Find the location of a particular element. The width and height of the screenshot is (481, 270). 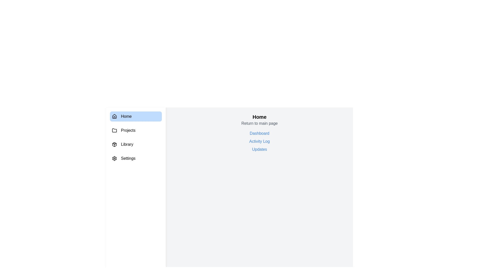

the 'Home' navigation link is located at coordinates (136, 116).